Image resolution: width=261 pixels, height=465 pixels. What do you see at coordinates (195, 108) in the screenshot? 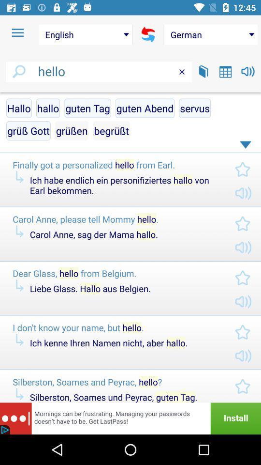
I see `servus` at bounding box center [195, 108].